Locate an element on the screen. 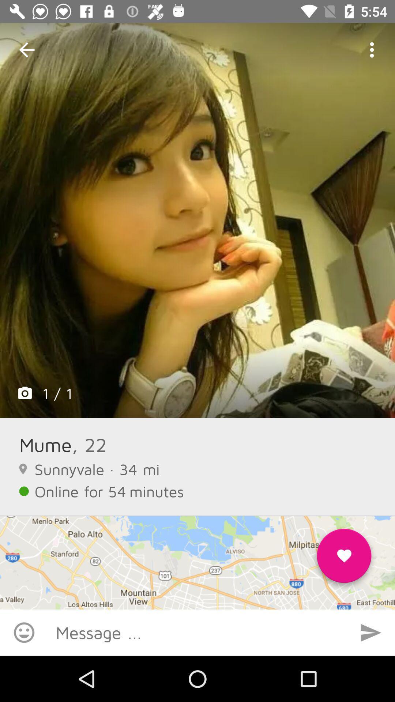 Image resolution: width=395 pixels, height=702 pixels. the item at the top left corner is located at coordinates (26, 49).